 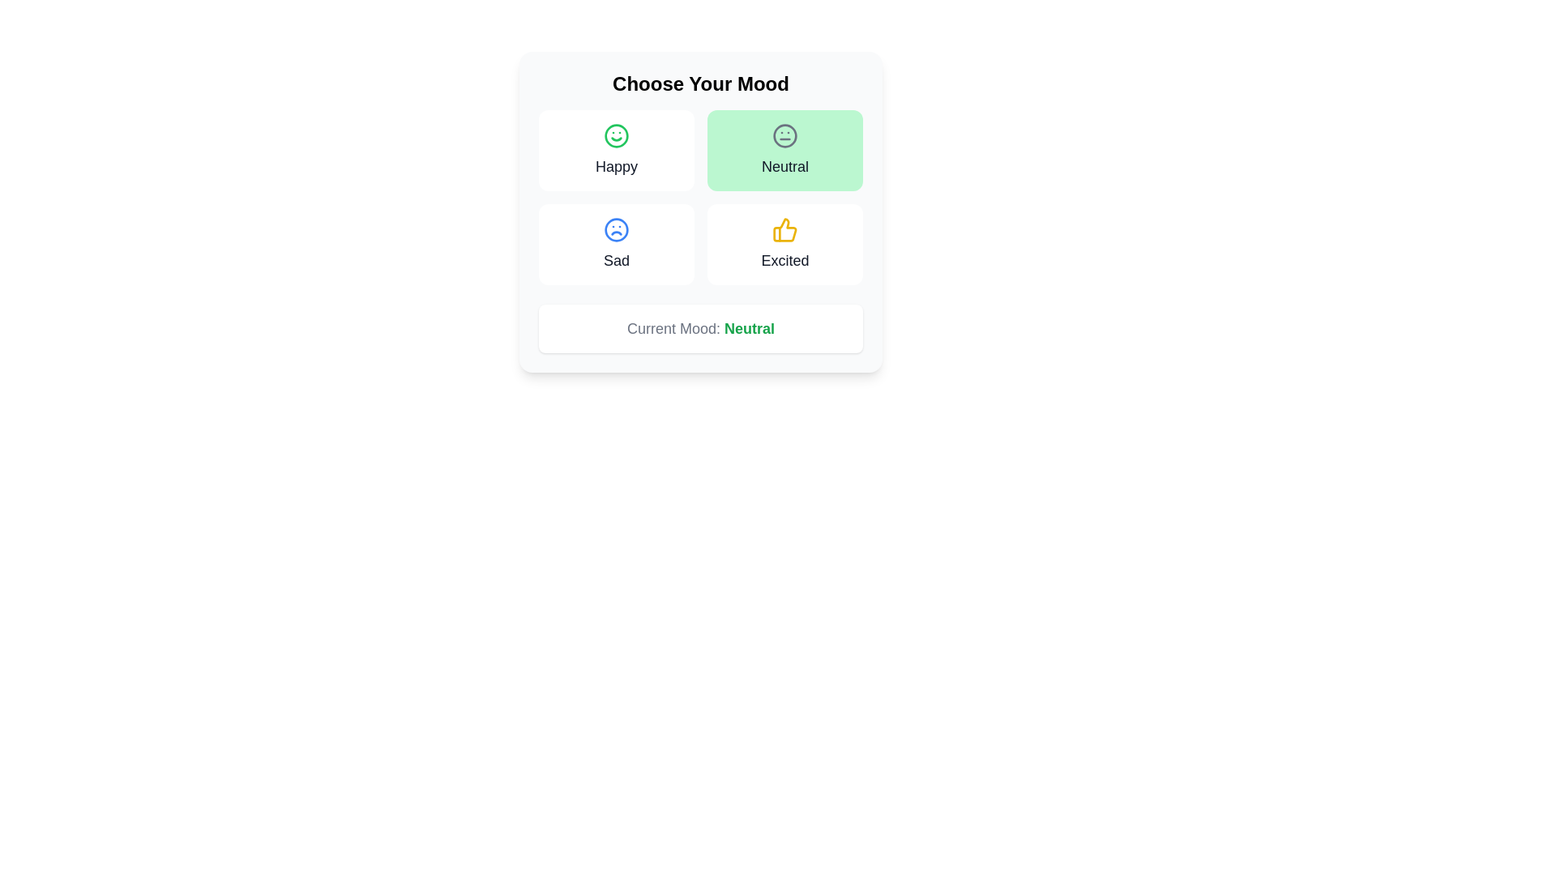 I want to click on the bright yellow thumbs-up SVG icon located at the top of the 'Excited' box in the bottom-right area of the grid layout, so click(x=785, y=230).